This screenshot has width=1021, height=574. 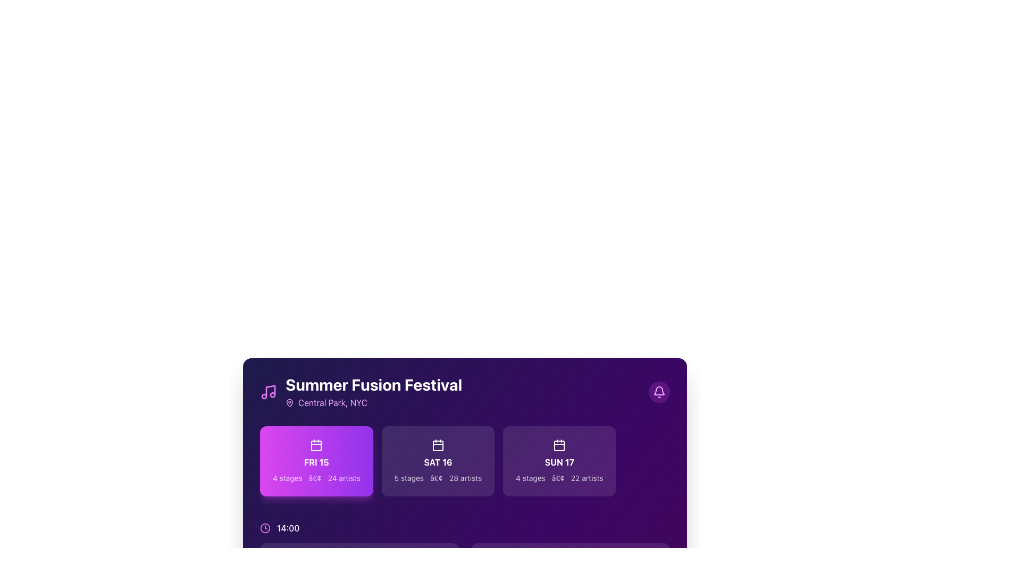 I want to click on the bullet point glyph that is centrally located between the '4 stages' and '24 artists' text lines on the event box for 'FRI 15', so click(x=314, y=477).